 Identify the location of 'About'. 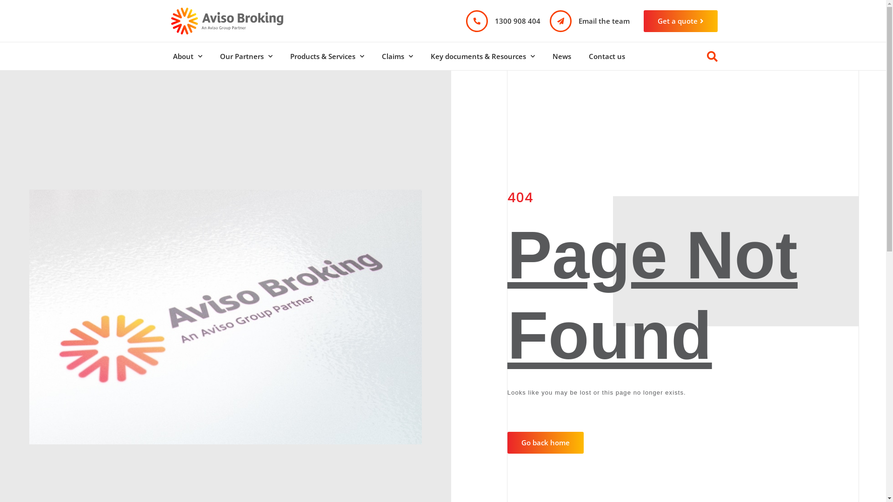
(187, 56).